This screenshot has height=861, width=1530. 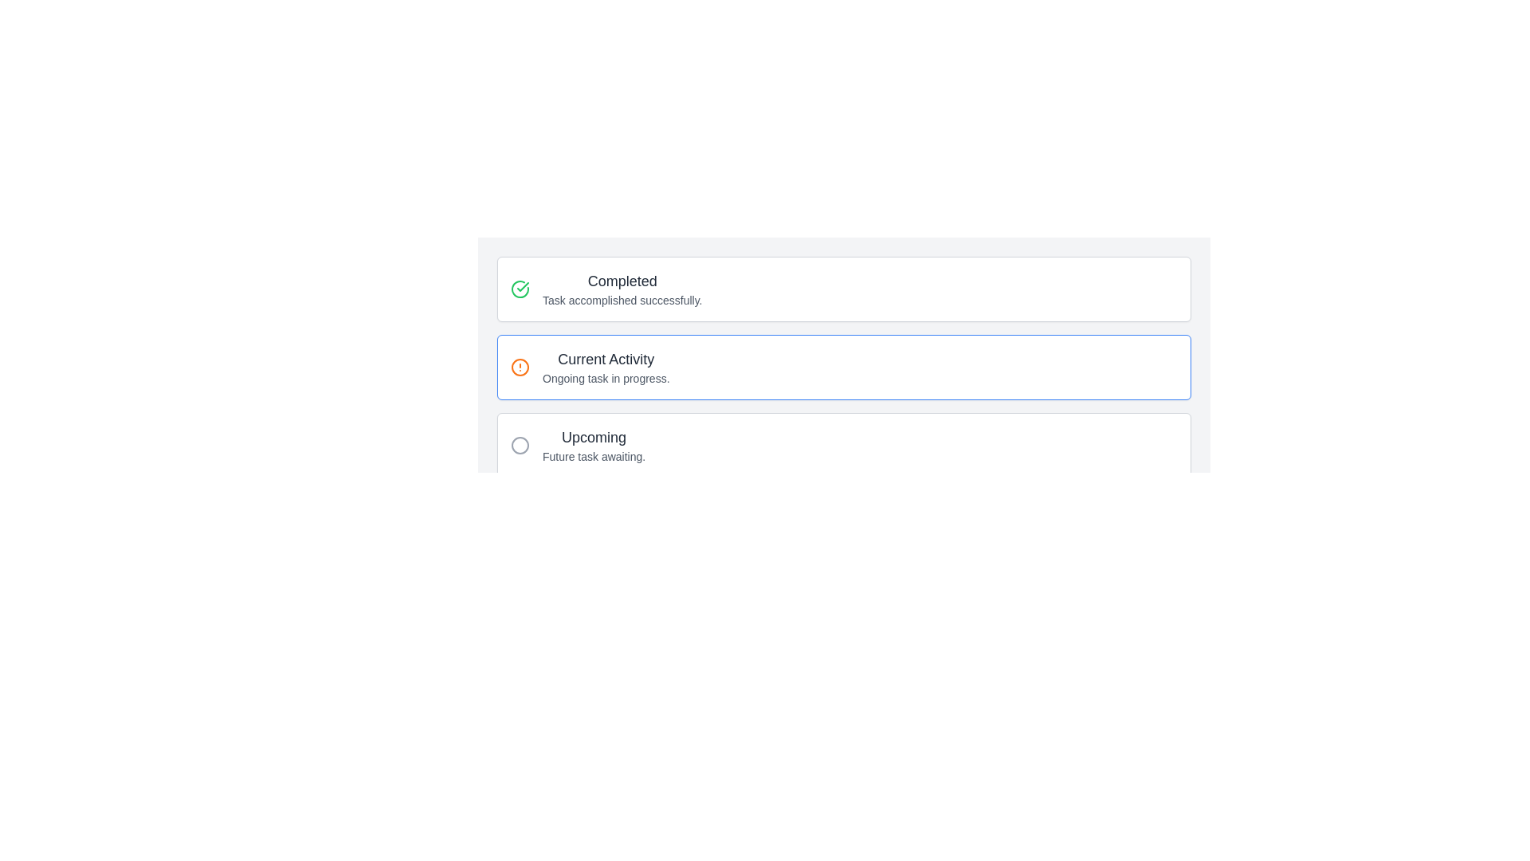 I want to click on the descriptive text element located directly below 'Current Activity', which provides additional information about the ongoing task, so click(x=605, y=378).